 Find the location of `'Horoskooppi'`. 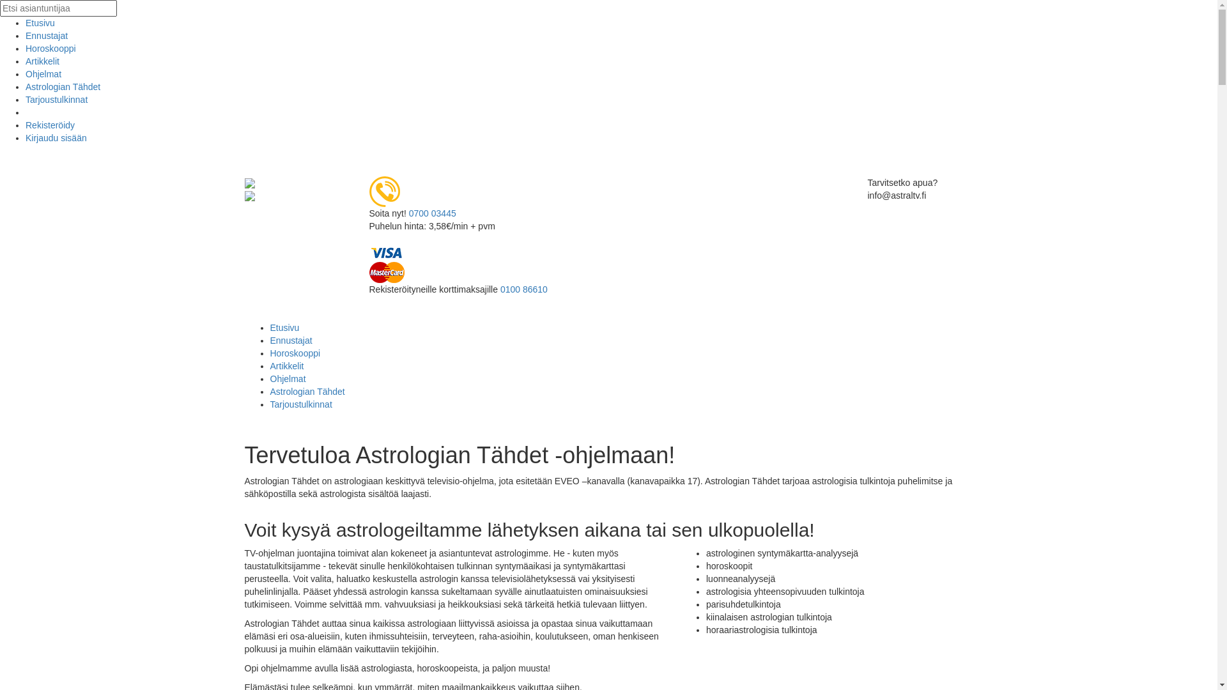

'Horoskooppi' is located at coordinates (294, 353).